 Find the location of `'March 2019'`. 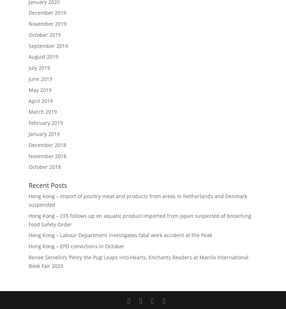

'March 2019' is located at coordinates (42, 112).